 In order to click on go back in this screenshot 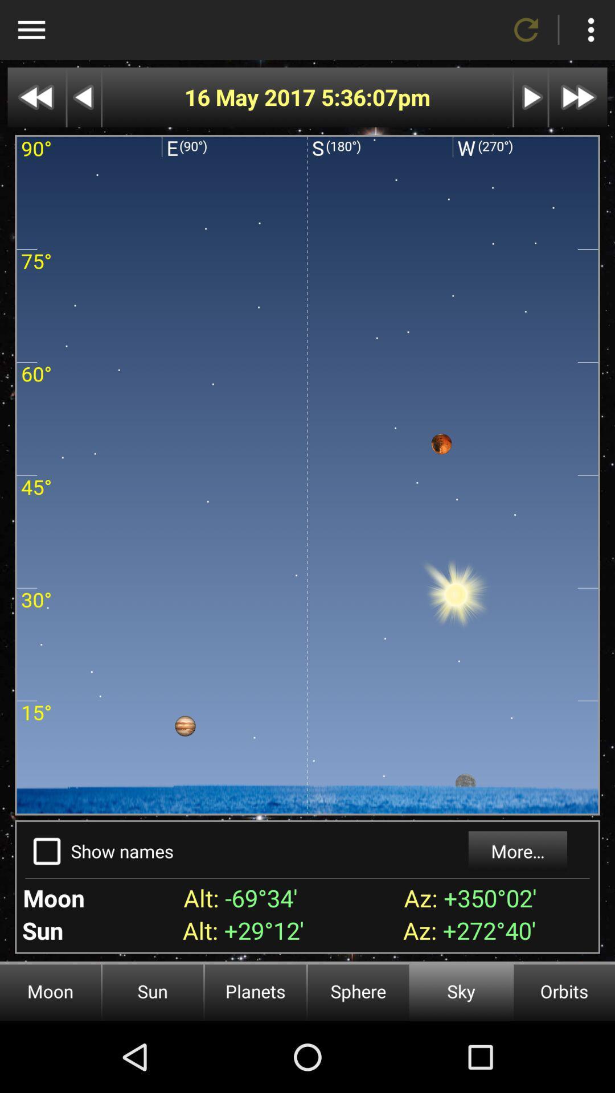, I will do `click(36, 97)`.